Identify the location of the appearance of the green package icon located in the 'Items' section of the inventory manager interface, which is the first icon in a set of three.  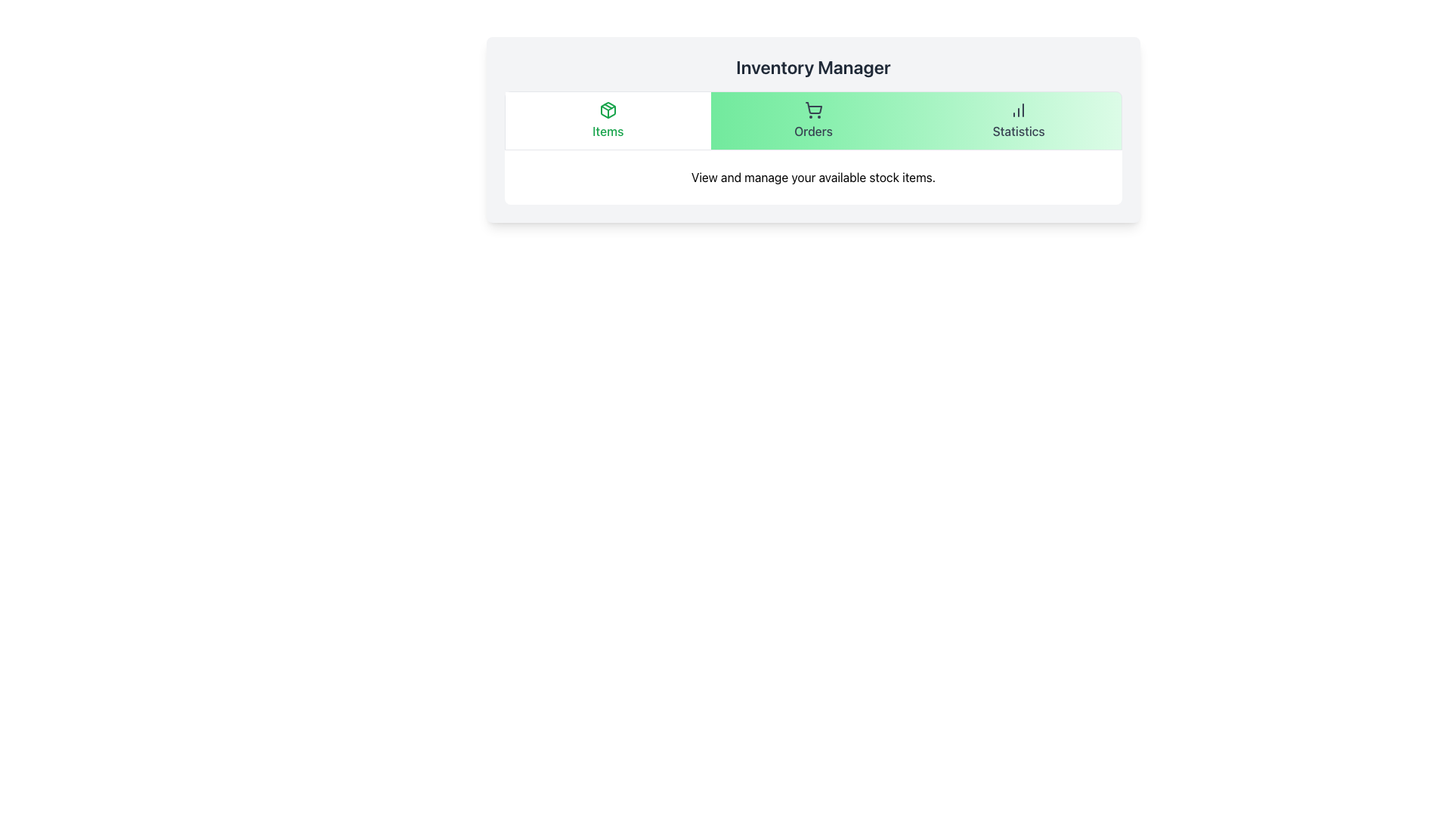
(608, 110).